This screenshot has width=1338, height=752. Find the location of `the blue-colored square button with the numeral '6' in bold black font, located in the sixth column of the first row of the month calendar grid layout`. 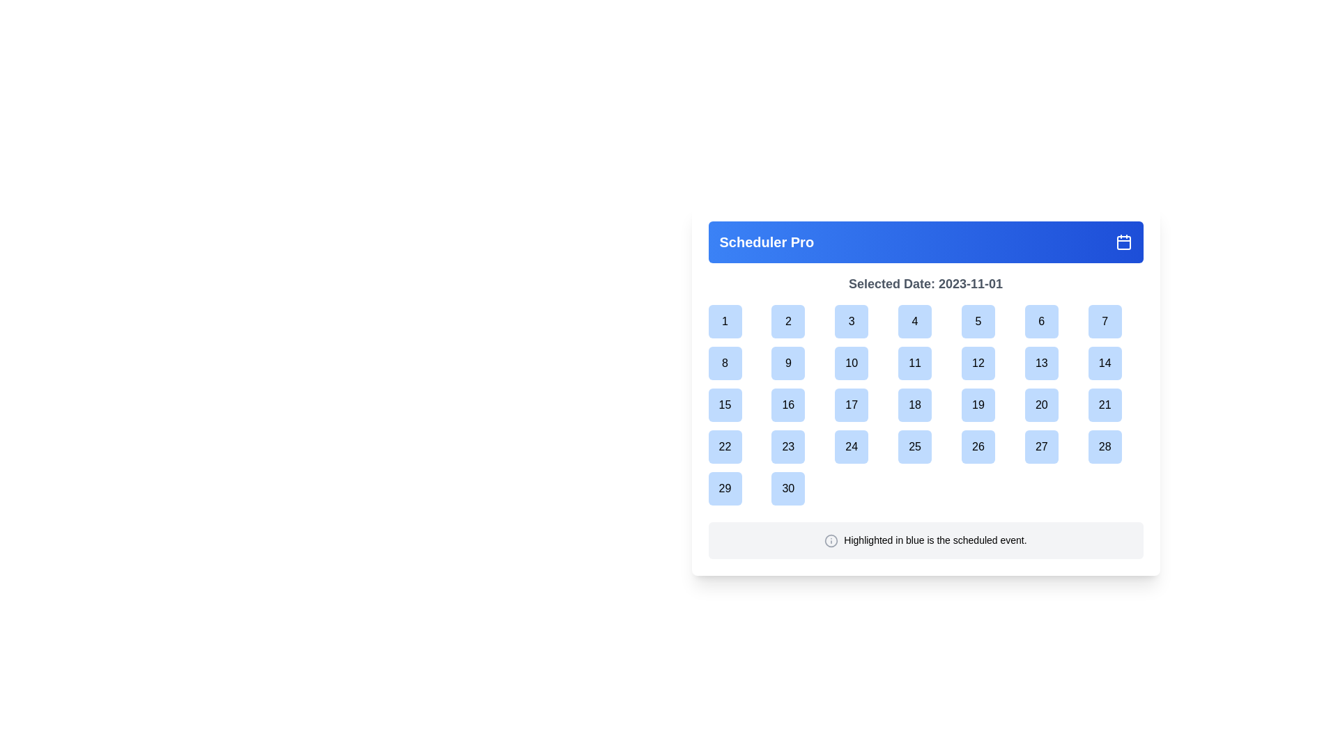

the blue-colored square button with the numeral '6' in bold black font, located in the sixth column of the first row of the month calendar grid layout is located at coordinates (1041, 322).